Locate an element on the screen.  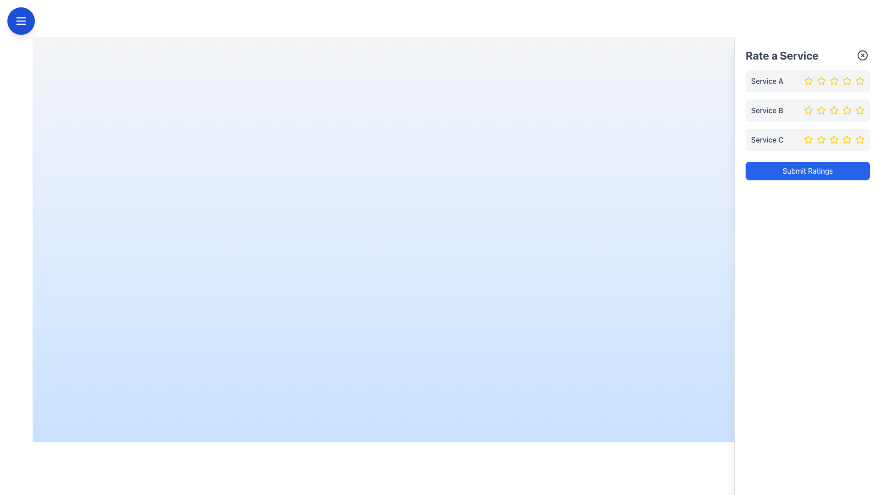
the fifth star icon in the star rating system for 'Service A' in the 'Rate a Service' section to trigger the preview state is located at coordinates (847, 81).